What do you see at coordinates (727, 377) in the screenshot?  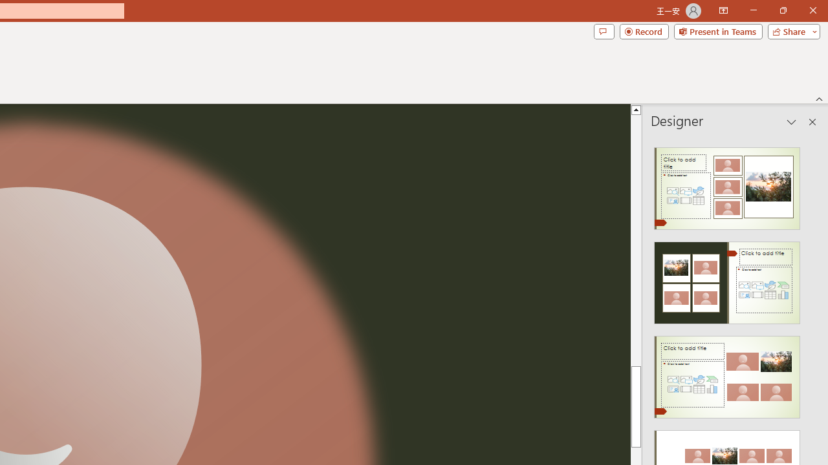 I see `'Class: NetUIImage'` at bounding box center [727, 377].